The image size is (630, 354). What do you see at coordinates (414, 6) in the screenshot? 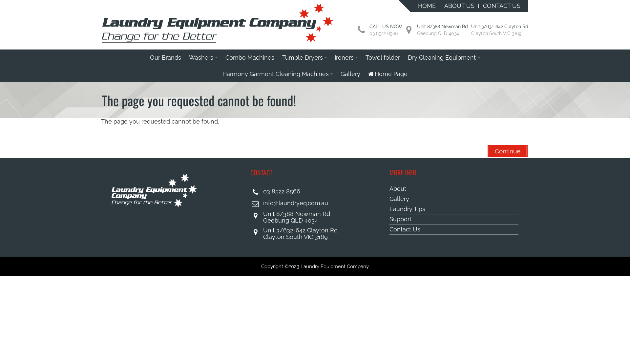
I see `'HOME'` at bounding box center [414, 6].